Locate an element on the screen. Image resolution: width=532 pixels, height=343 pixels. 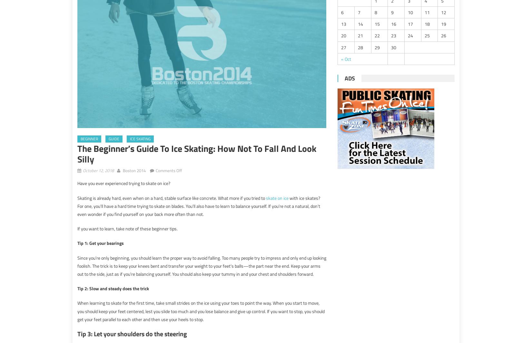
'14' is located at coordinates (360, 23).